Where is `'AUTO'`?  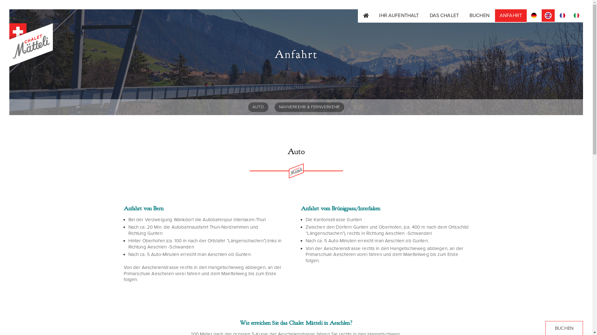 'AUTO' is located at coordinates (258, 107).